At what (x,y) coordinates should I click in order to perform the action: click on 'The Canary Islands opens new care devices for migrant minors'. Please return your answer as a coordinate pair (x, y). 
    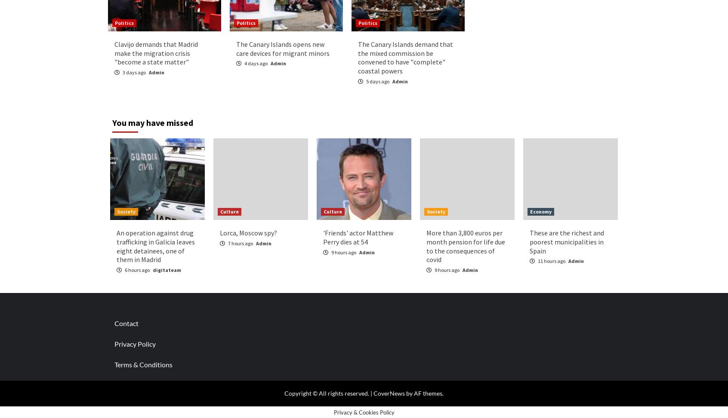
    Looking at the image, I should click on (282, 48).